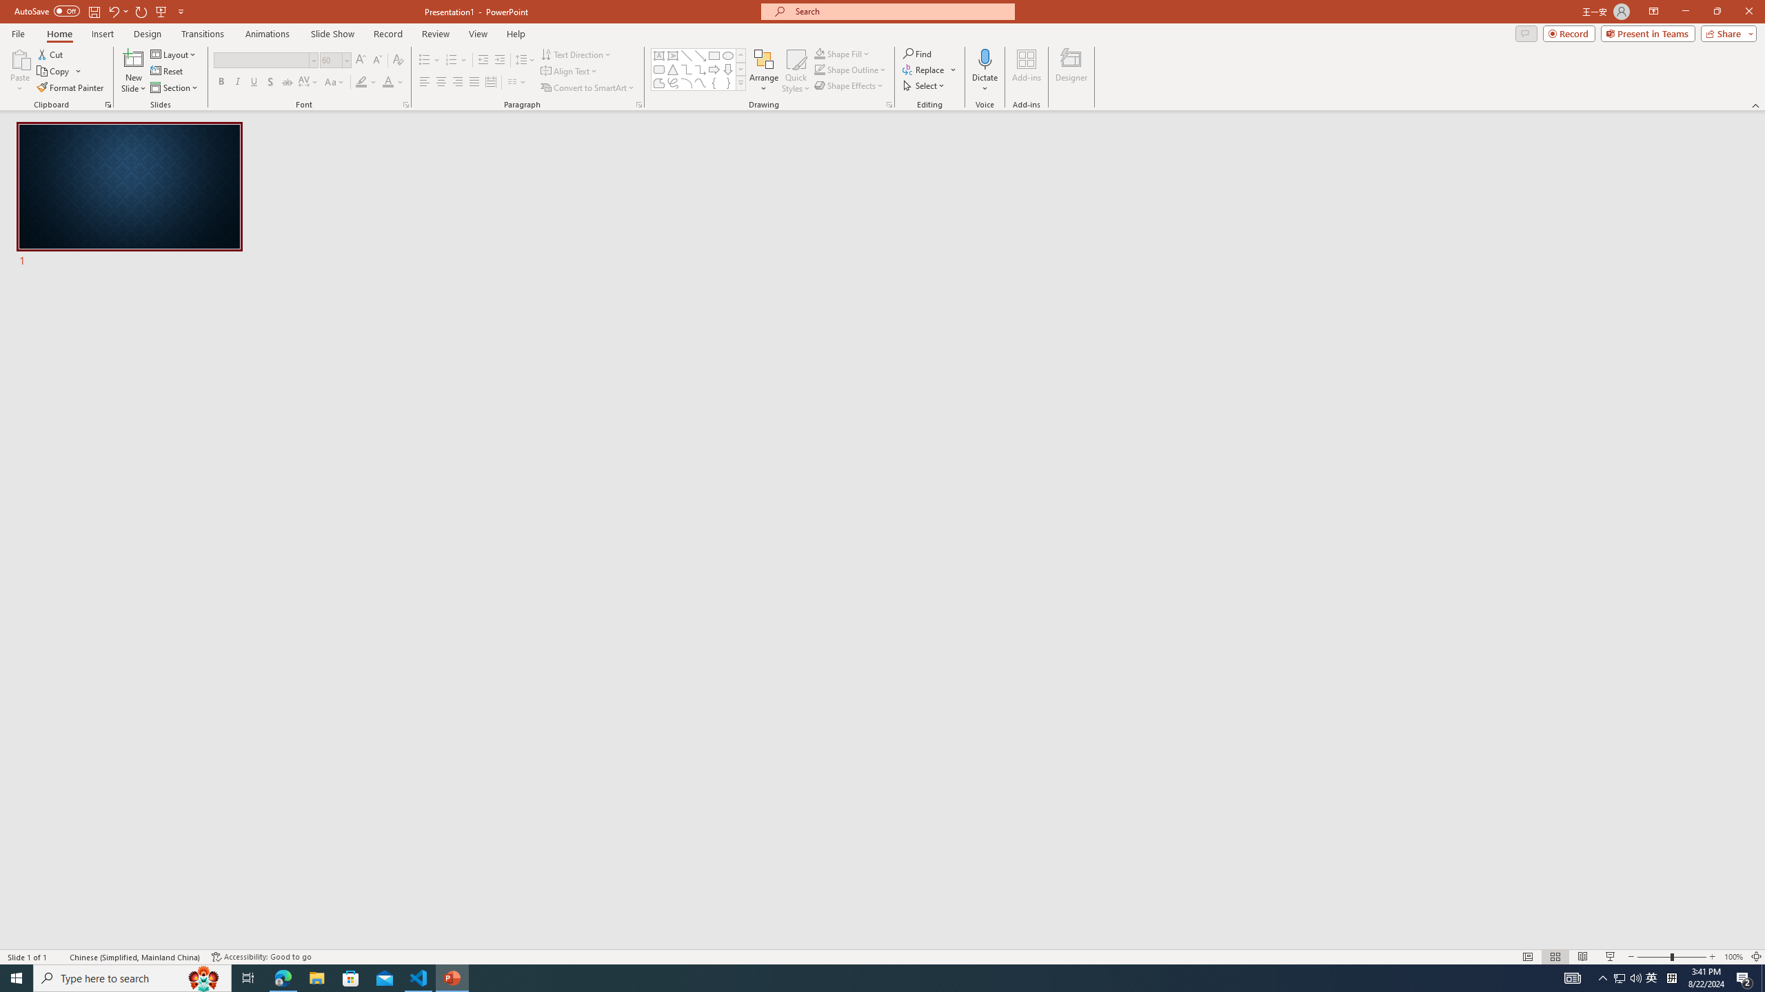 The width and height of the screenshot is (1765, 992). Describe the element at coordinates (843, 53) in the screenshot. I see `'Shape Fill'` at that location.